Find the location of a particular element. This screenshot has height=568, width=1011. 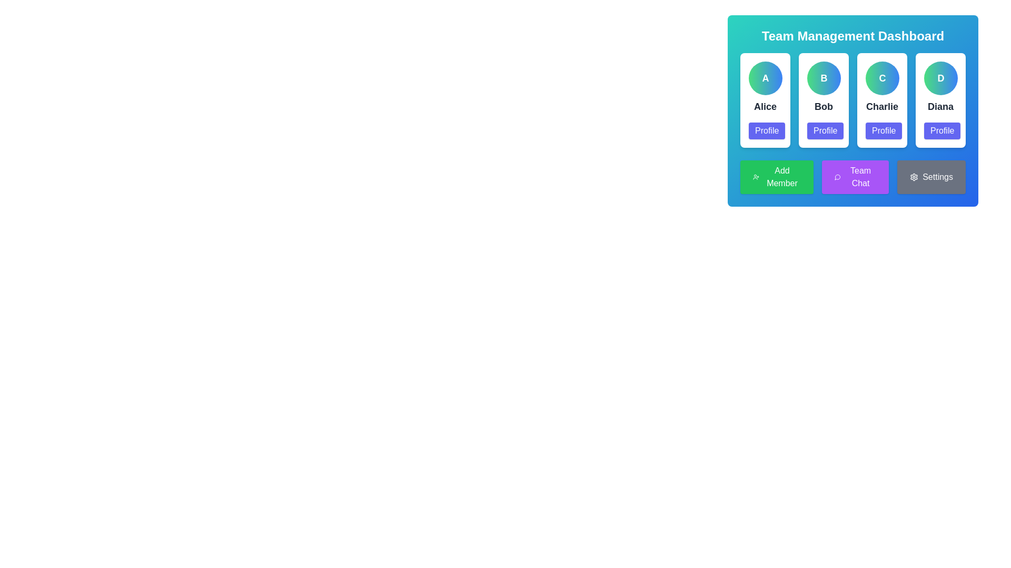

the user avatar display for user 'Diana', which is positioned above the text 'Diana' and the 'Profile' button is located at coordinates (940, 78).